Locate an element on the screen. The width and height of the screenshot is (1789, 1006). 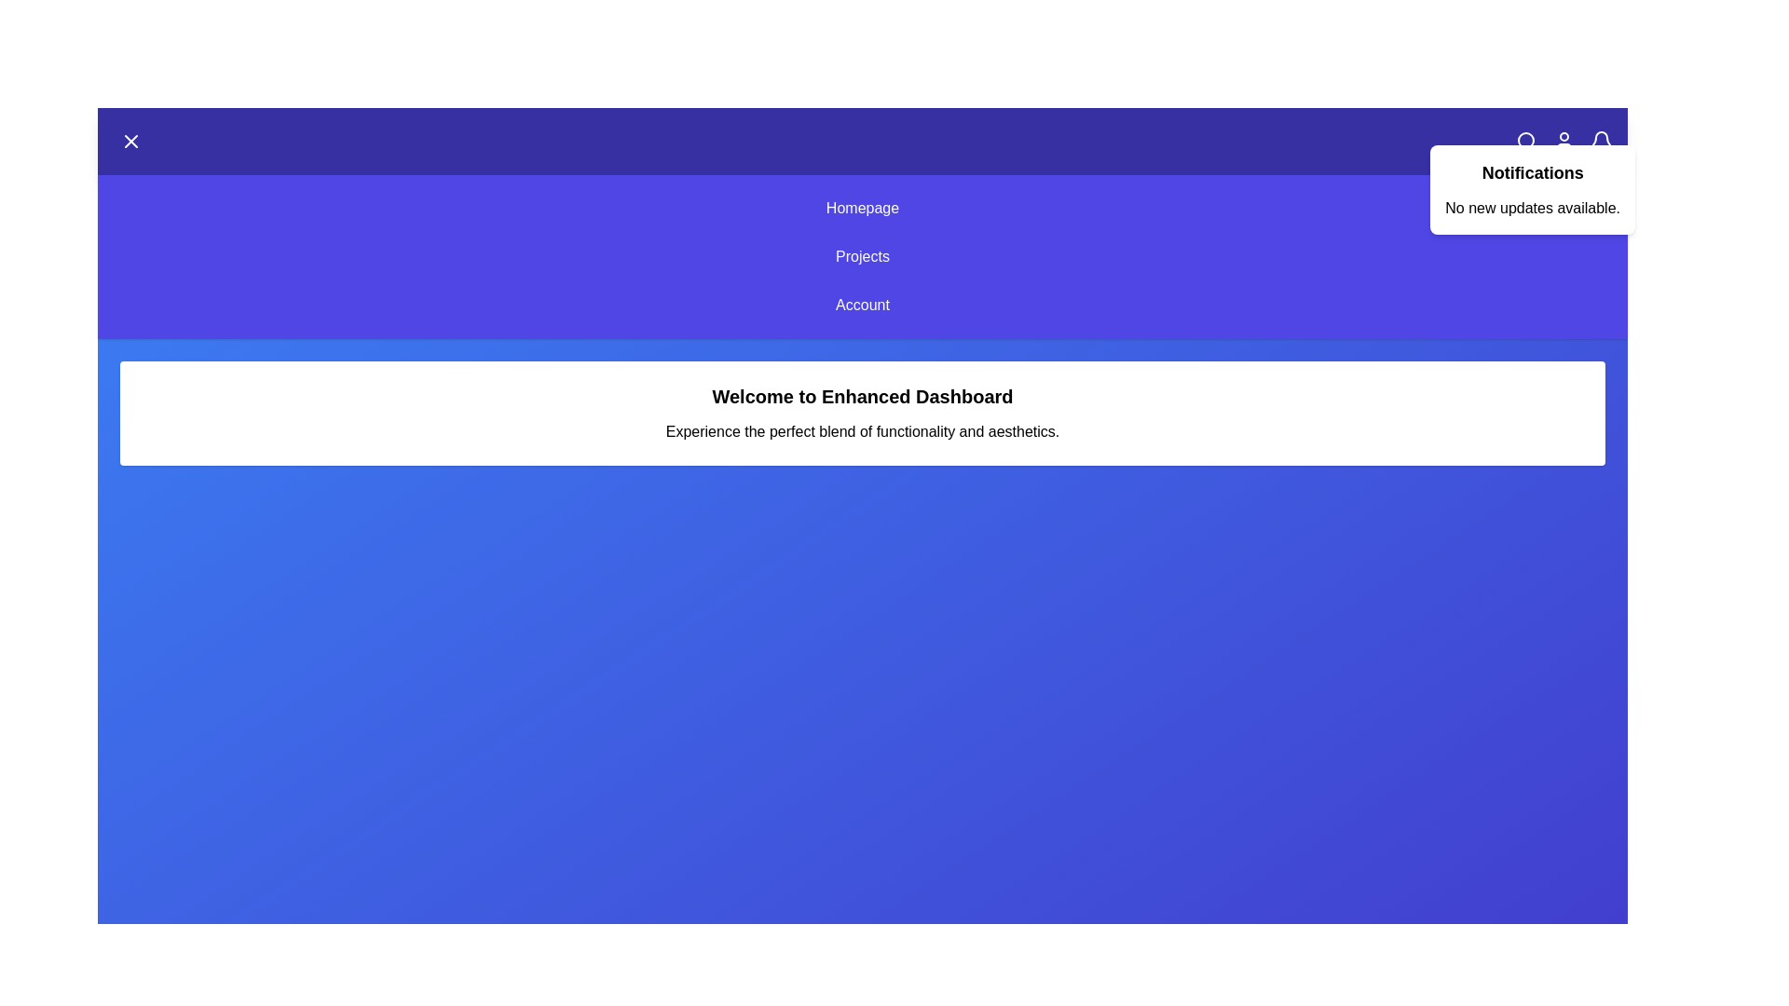
the menu item Homepage from the available options is located at coordinates (862, 208).